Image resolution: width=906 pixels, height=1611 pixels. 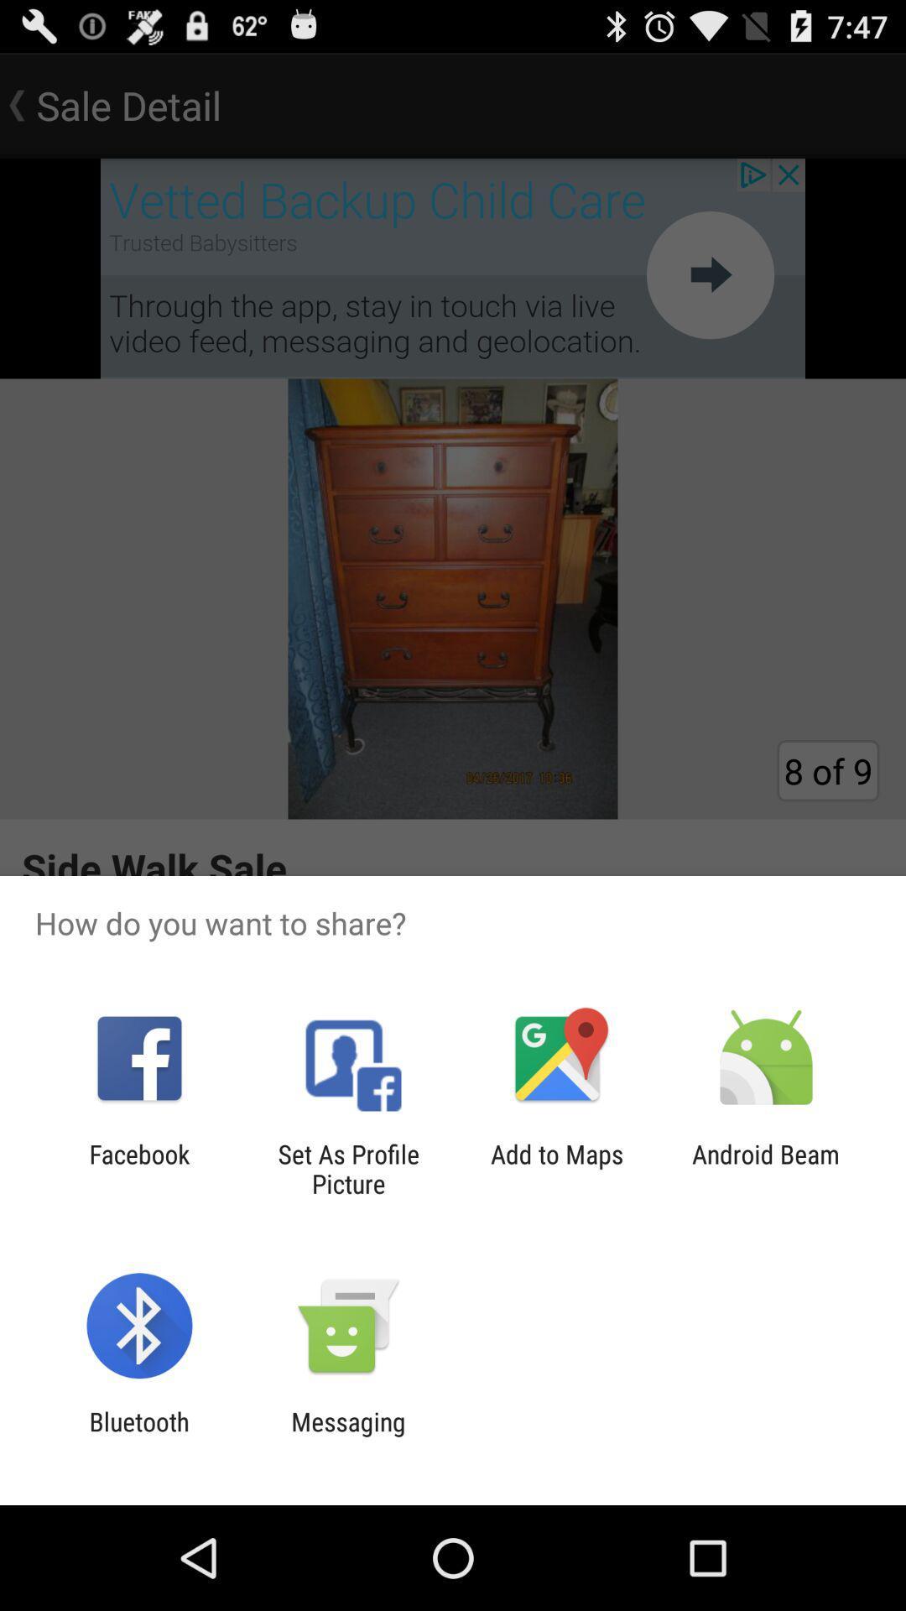 What do you see at coordinates (347, 1436) in the screenshot?
I see `the icon next to the bluetooth icon` at bounding box center [347, 1436].